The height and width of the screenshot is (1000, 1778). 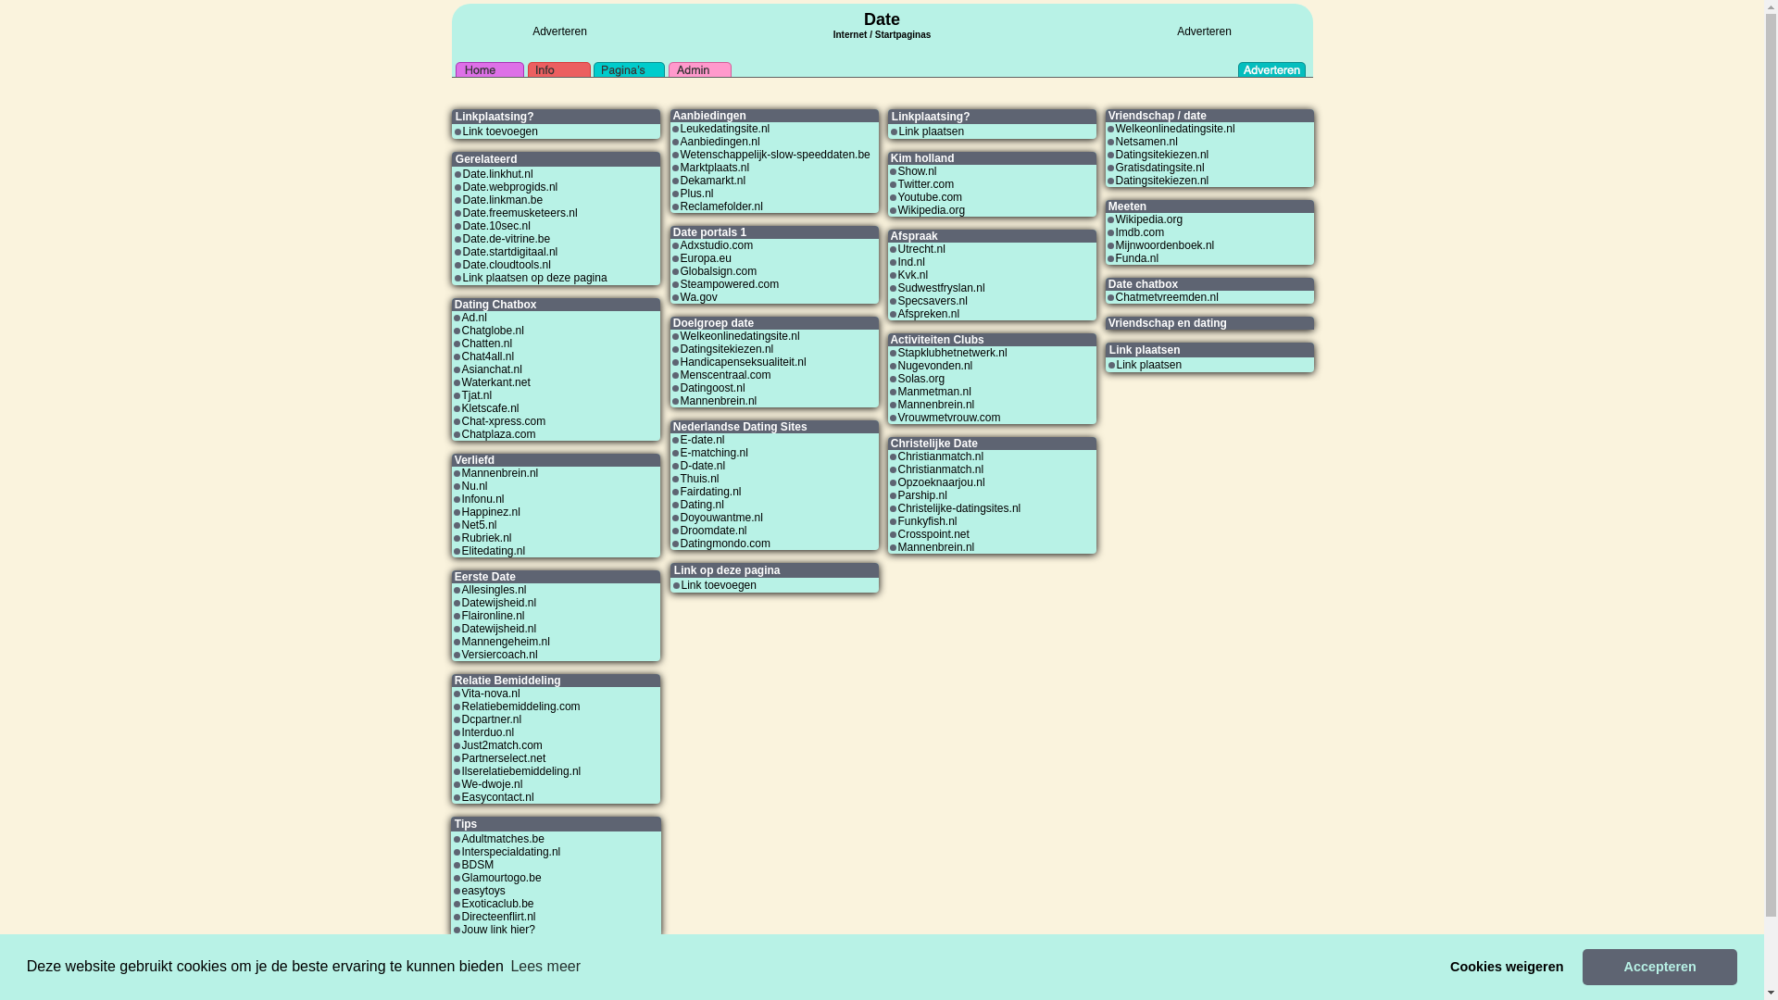 I want to click on 'Dekamarkt.nl', so click(x=711, y=181).